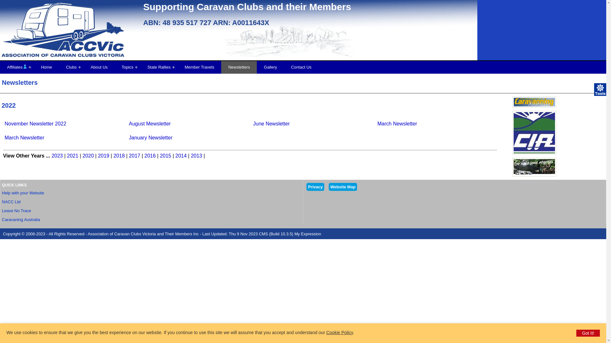 The width and height of the screenshot is (611, 343). Describe the element at coordinates (128, 124) in the screenshot. I see `'August Mewsletter'` at that location.